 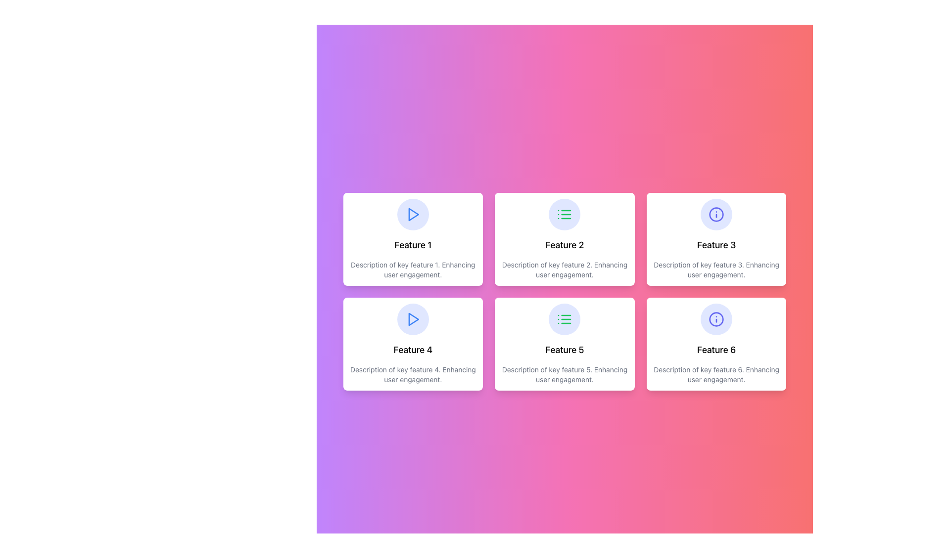 What do you see at coordinates (716, 214) in the screenshot?
I see `the informational icon located within the 'Feature 3' card in the top row of the grid layout` at bounding box center [716, 214].